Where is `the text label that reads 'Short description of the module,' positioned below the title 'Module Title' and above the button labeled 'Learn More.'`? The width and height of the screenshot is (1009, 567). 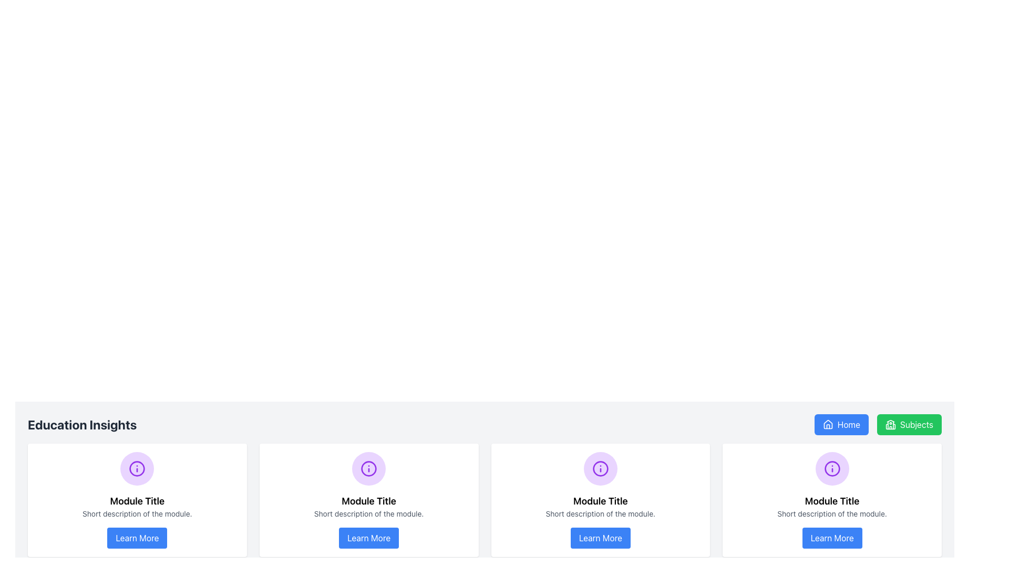
the text label that reads 'Short description of the module,' positioned below the title 'Module Title' and above the button labeled 'Learn More.' is located at coordinates (369, 513).